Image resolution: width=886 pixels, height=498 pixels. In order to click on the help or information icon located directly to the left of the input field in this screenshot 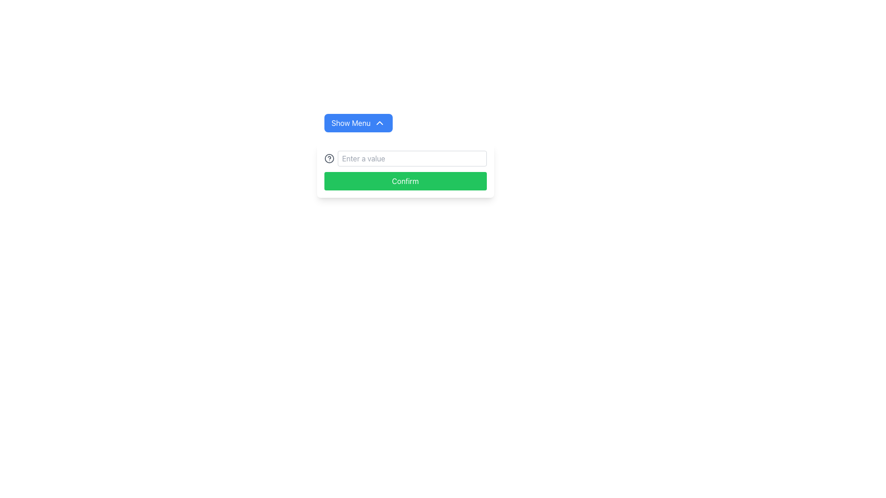, I will do `click(329, 158)`.